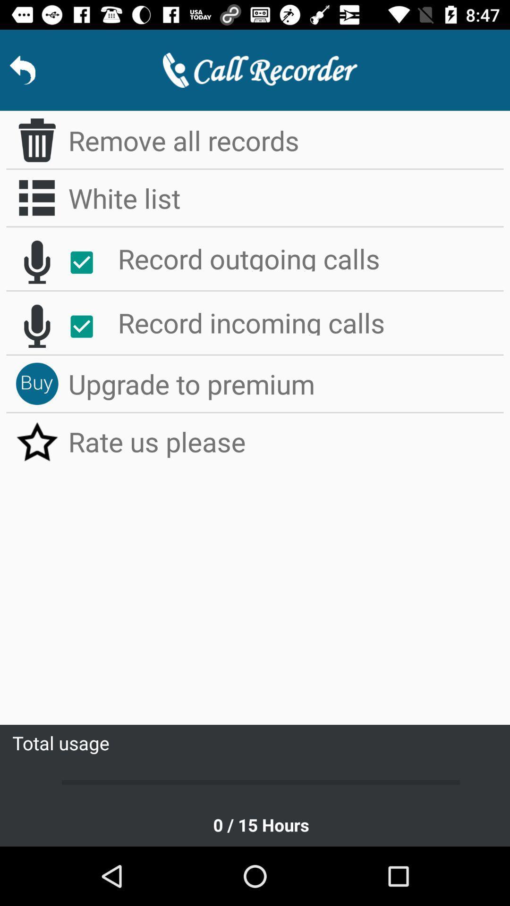 The height and width of the screenshot is (906, 510). Describe the element at coordinates (36, 197) in the screenshot. I see `app next to the white list item` at that location.